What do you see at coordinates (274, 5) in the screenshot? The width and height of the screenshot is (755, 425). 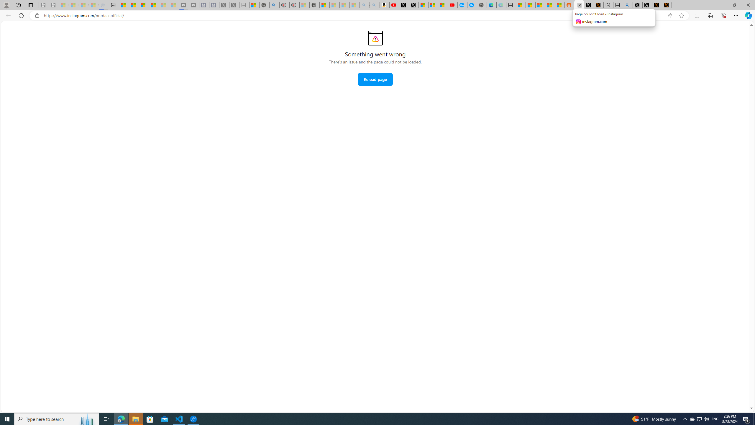 I see `'poe - Search'` at bounding box center [274, 5].